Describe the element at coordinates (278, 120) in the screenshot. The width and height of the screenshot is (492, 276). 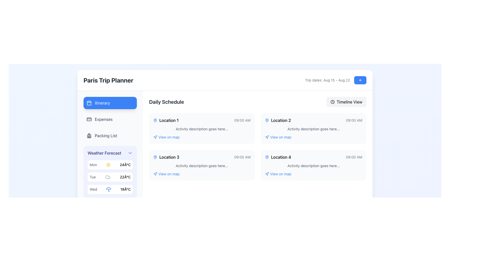
I see `text label displaying 'Location 2', which is located in the second card of the 'Daily Schedule' section, between the blue map pin icon and the time '09:00 AM'` at that location.